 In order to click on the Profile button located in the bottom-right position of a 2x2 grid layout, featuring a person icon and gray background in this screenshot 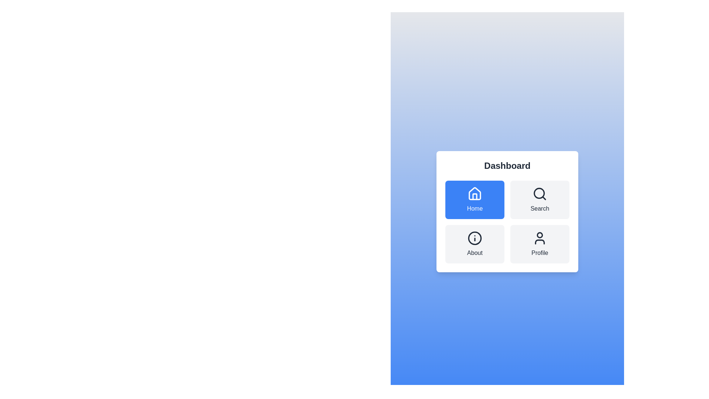, I will do `click(540, 244)`.